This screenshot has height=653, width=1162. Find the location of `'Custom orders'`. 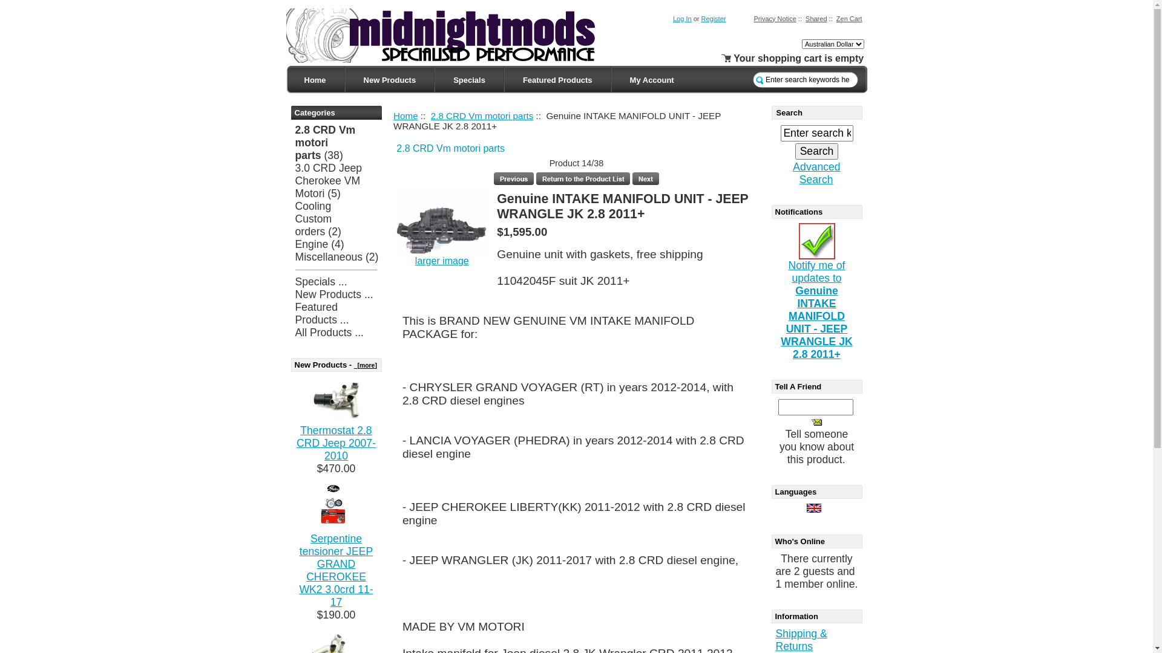

'Custom orders' is located at coordinates (313, 225).